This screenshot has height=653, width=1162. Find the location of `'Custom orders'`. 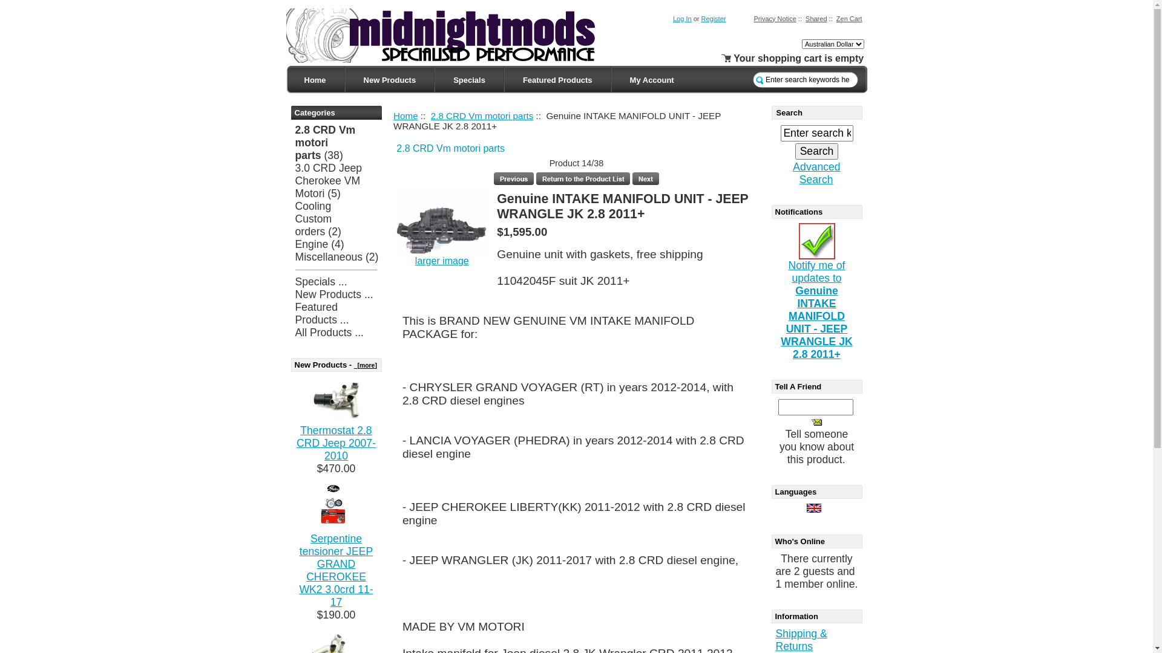

'Custom orders' is located at coordinates (313, 225).